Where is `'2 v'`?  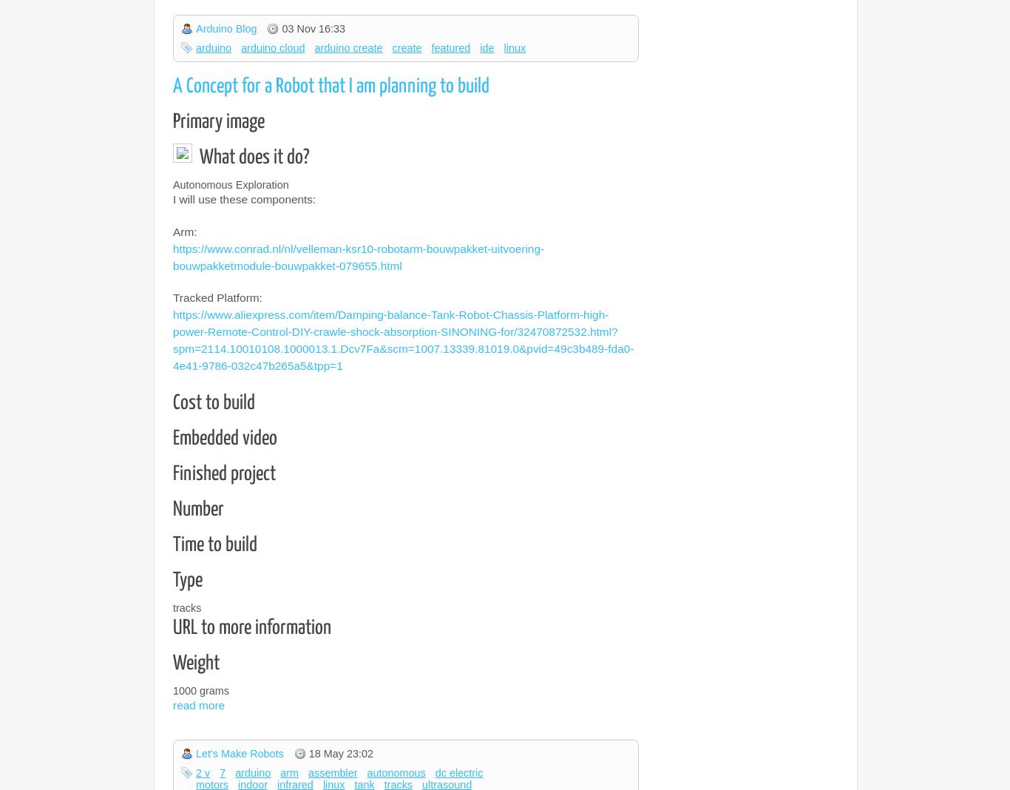
'2 v' is located at coordinates (203, 772).